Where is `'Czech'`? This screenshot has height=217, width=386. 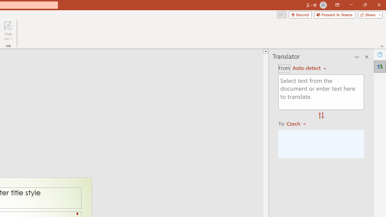
'Czech' is located at coordinates (299, 123).